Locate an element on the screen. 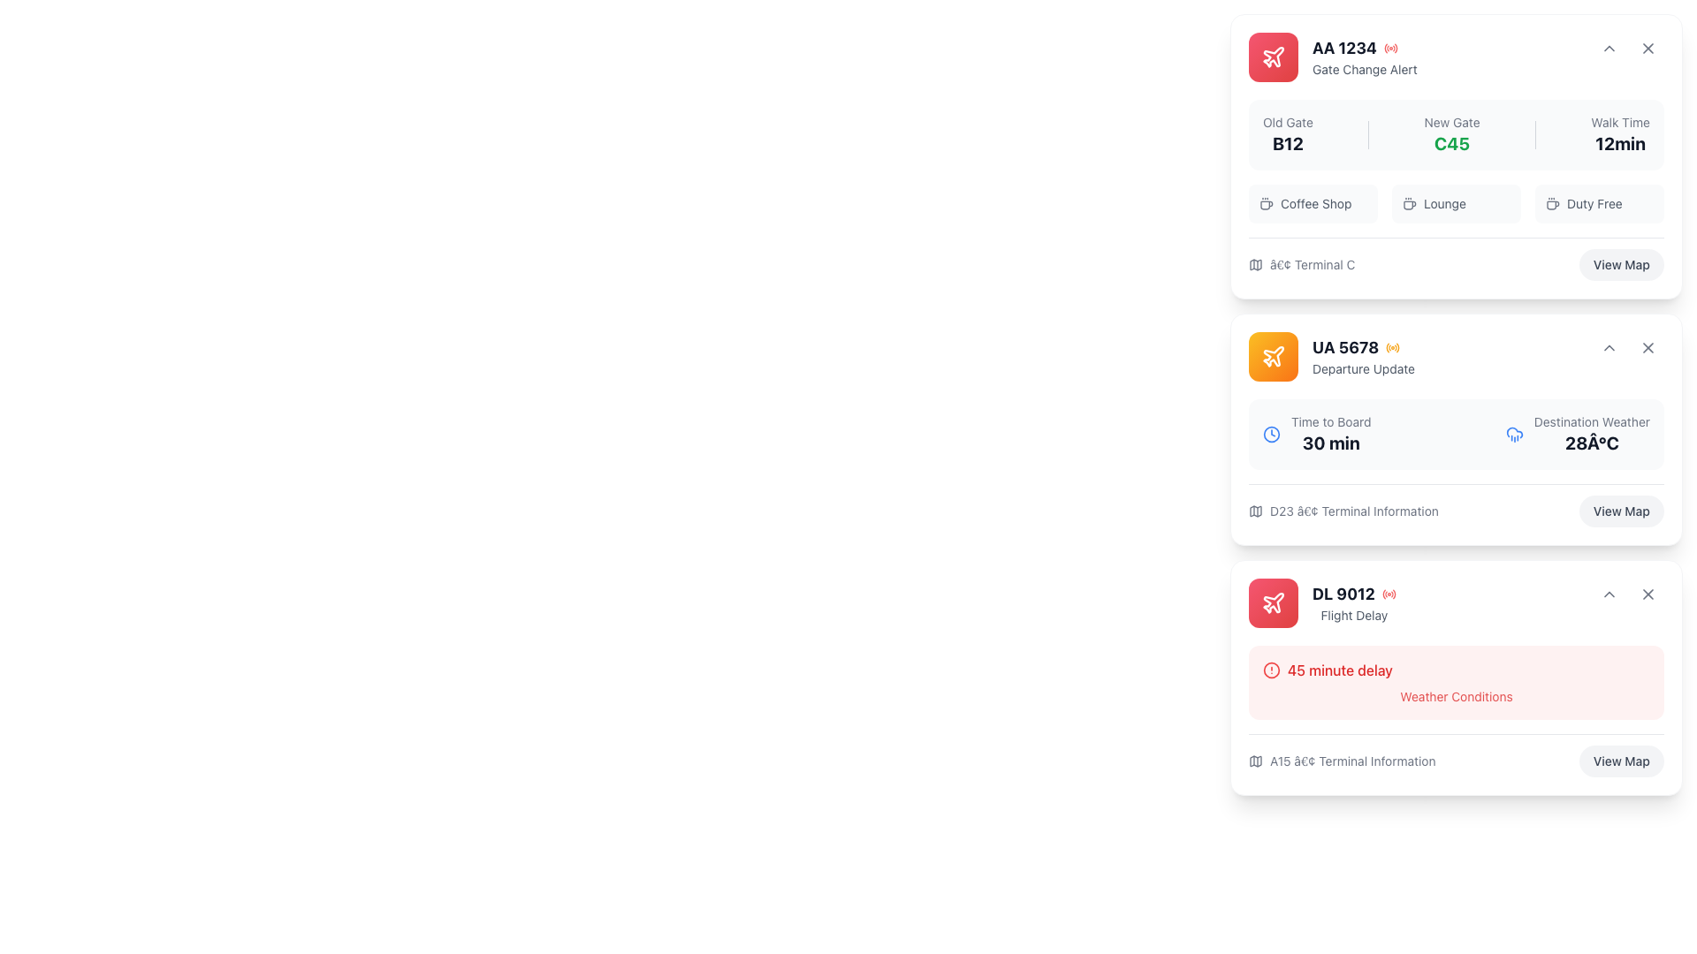  the static informational text displaying 'Destination Weather' and '28°C' in the 'UA 5678 Departure Update' card is located at coordinates (1592, 435).